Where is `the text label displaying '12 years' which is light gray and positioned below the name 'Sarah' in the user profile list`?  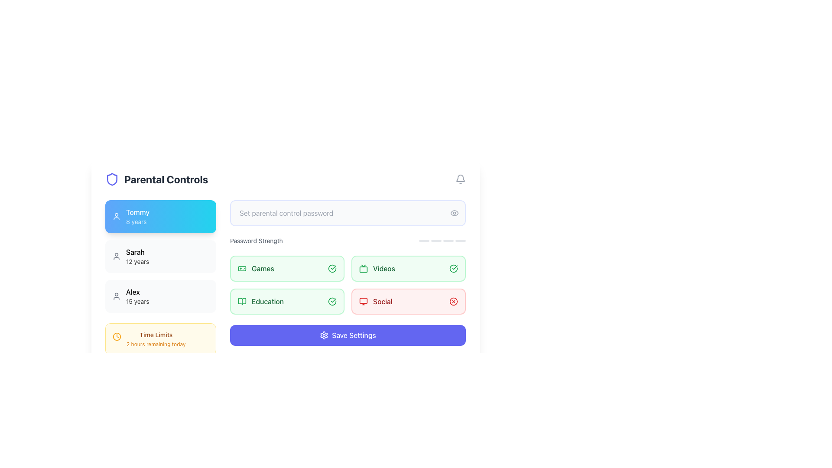
the text label displaying '12 years' which is light gray and positioned below the name 'Sarah' in the user profile list is located at coordinates (137, 261).